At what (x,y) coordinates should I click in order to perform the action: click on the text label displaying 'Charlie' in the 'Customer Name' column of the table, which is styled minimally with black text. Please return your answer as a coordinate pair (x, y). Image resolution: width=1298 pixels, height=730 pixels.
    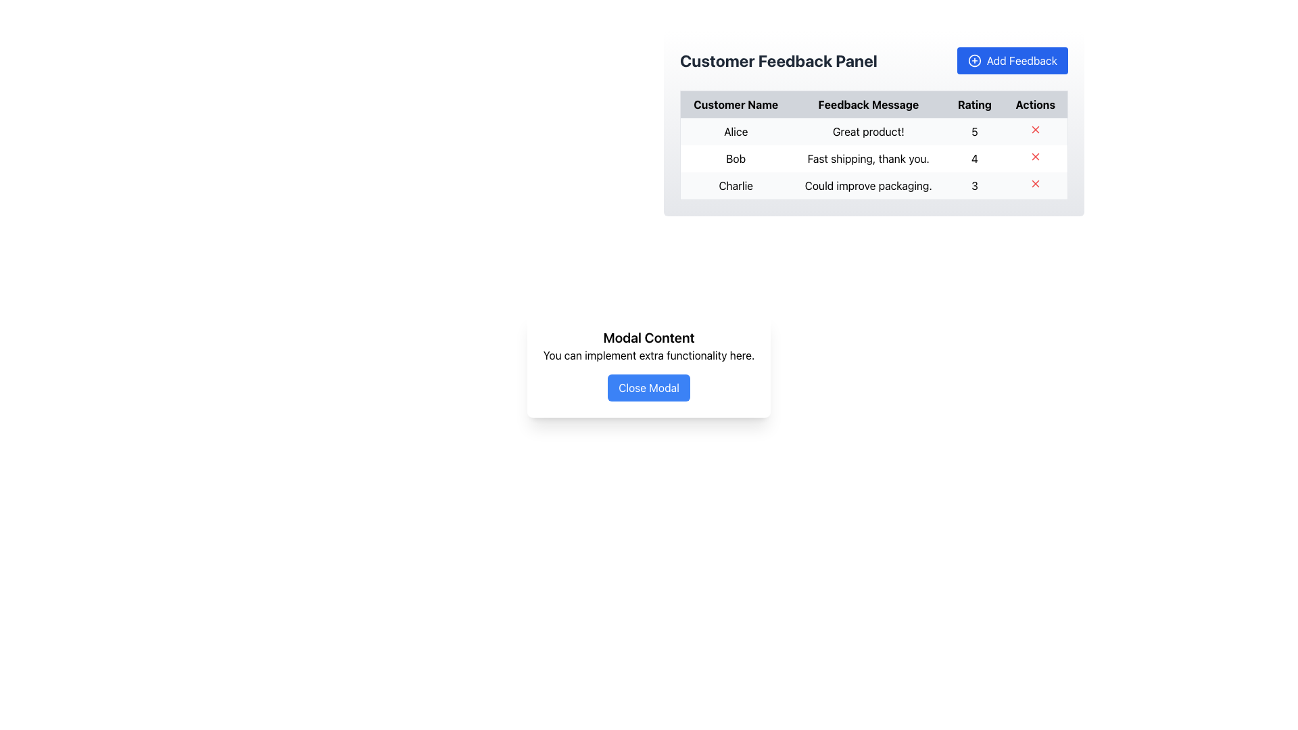
    Looking at the image, I should click on (735, 186).